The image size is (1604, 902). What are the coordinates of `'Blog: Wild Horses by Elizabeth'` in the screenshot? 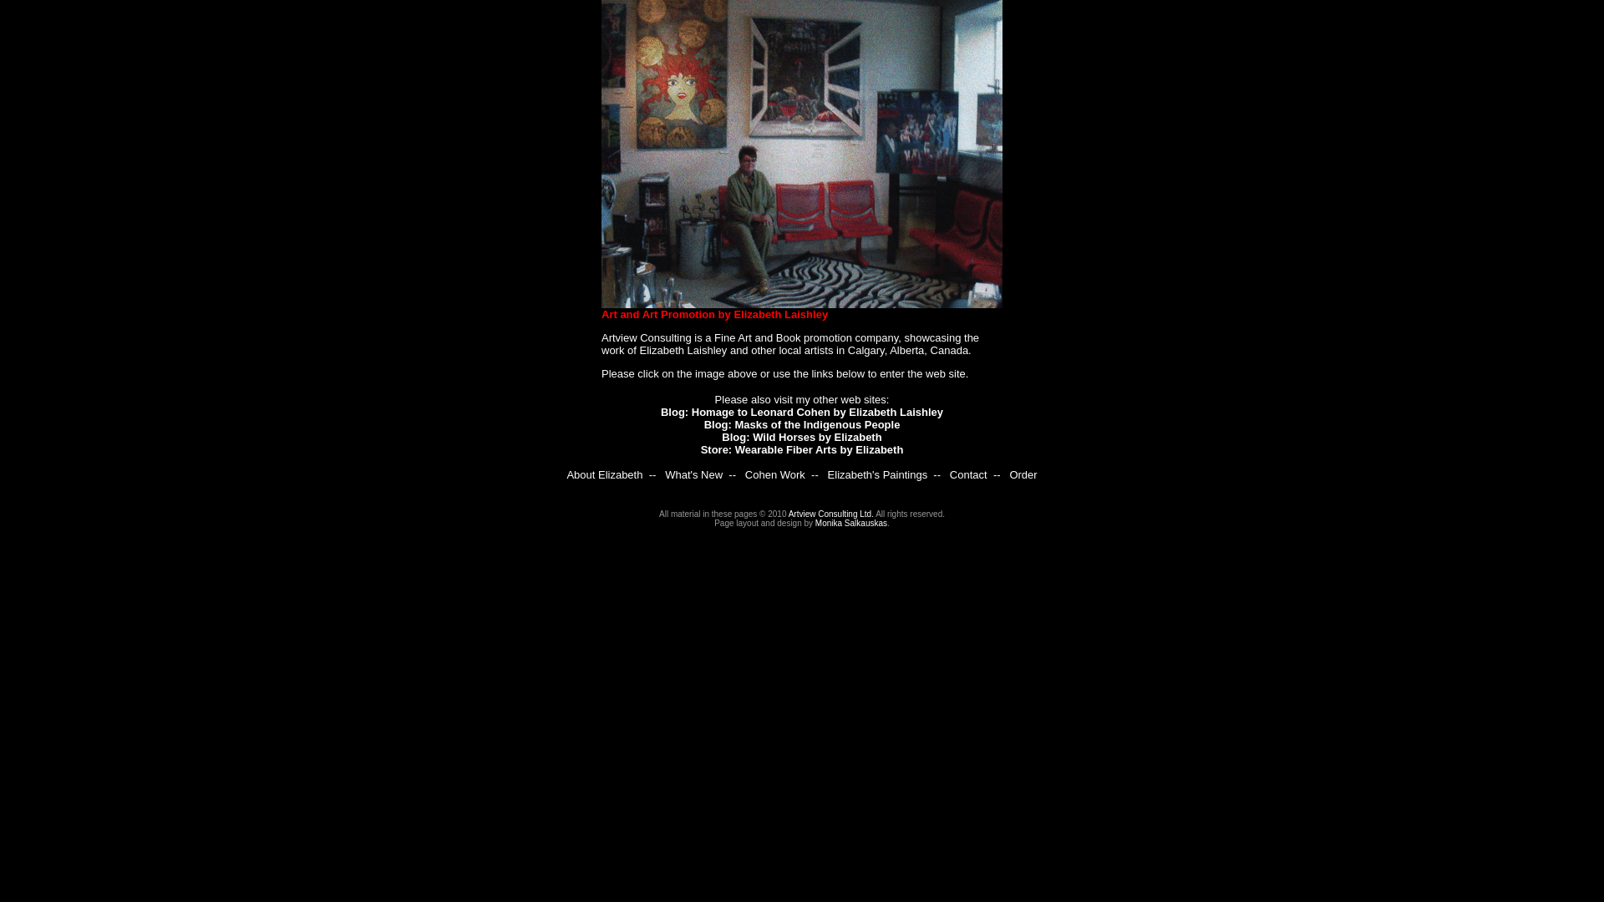 It's located at (800, 436).